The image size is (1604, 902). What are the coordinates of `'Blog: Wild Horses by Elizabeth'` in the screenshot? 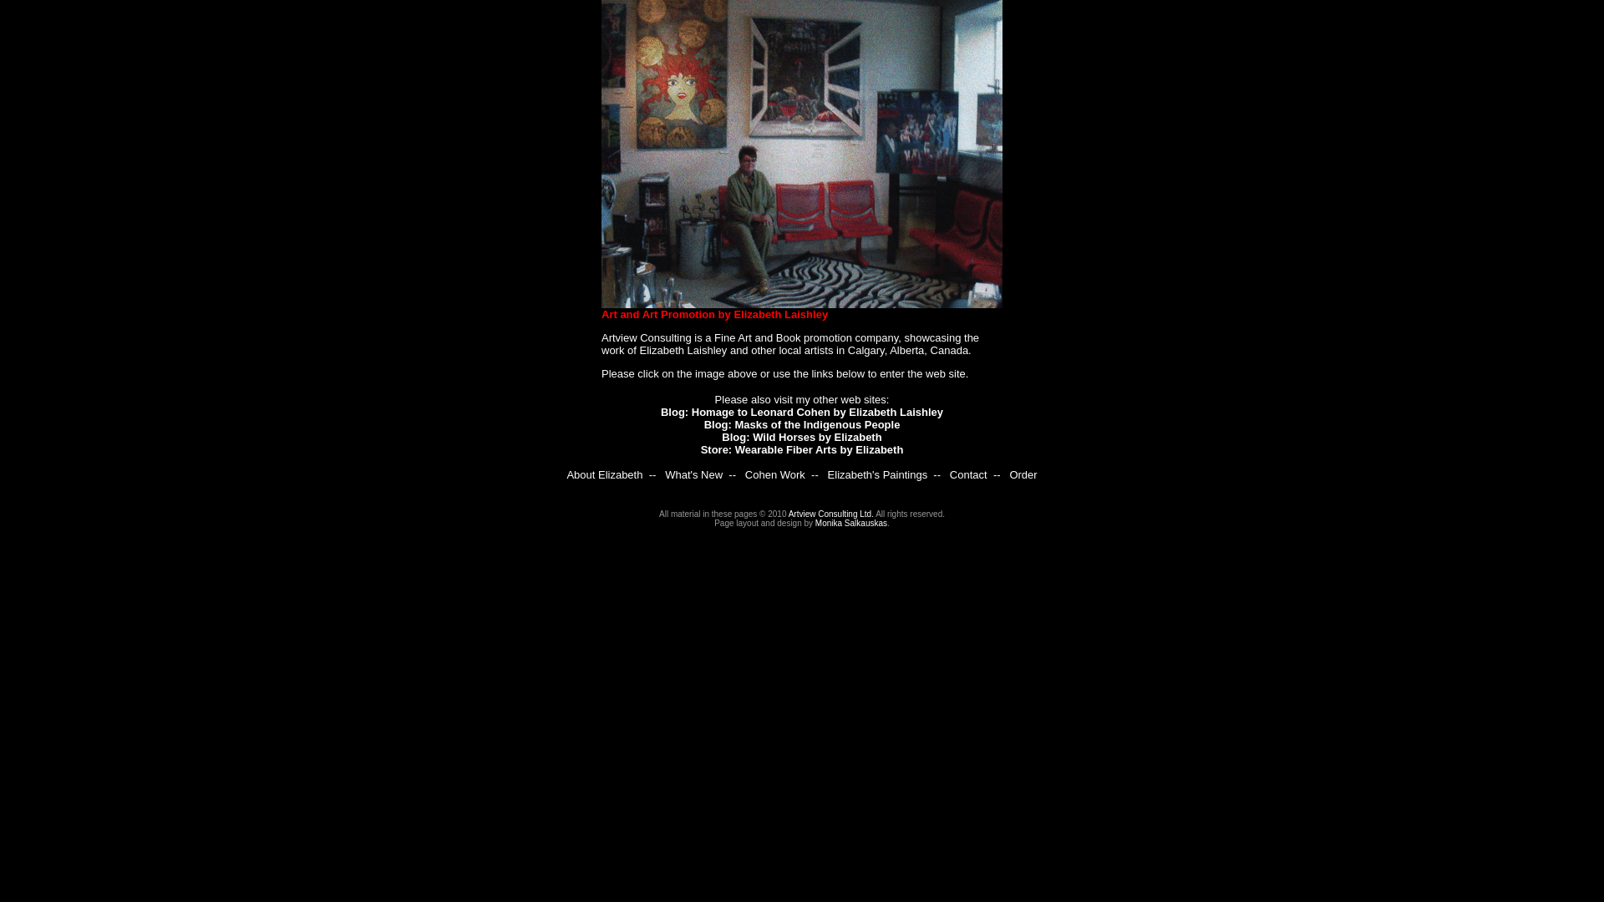 It's located at (800, 436).